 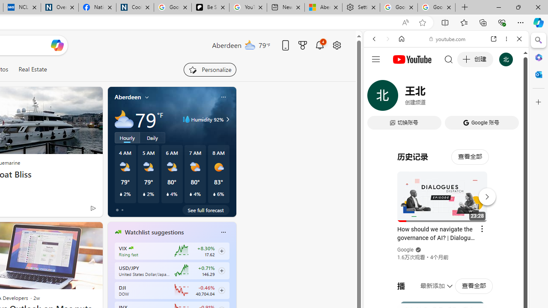 What do you see at coordinates (33, 69) in the screenshot?
I see `'Real Estate'` at bounding box center [33, 69].